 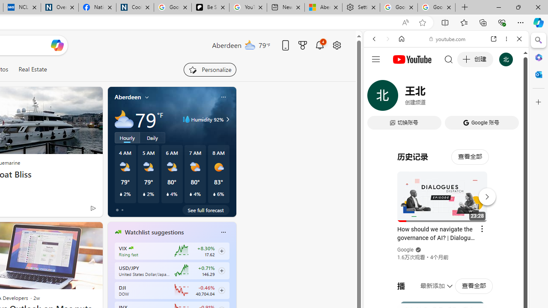 What do you see at coordinates (33, 69) in the screenshot?
I see `'Real Estate'` at bounding box center [33, 69].